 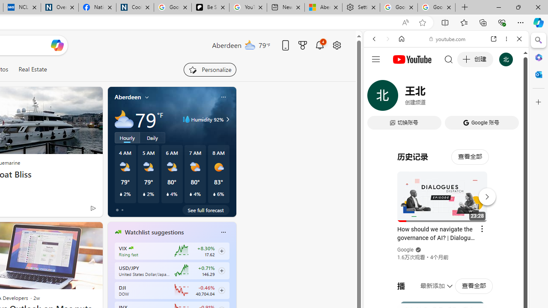 What do you see at coordinates (33, 69) in the screenshot?
I see `'Real Estate'` at bounding box center [33, 69].